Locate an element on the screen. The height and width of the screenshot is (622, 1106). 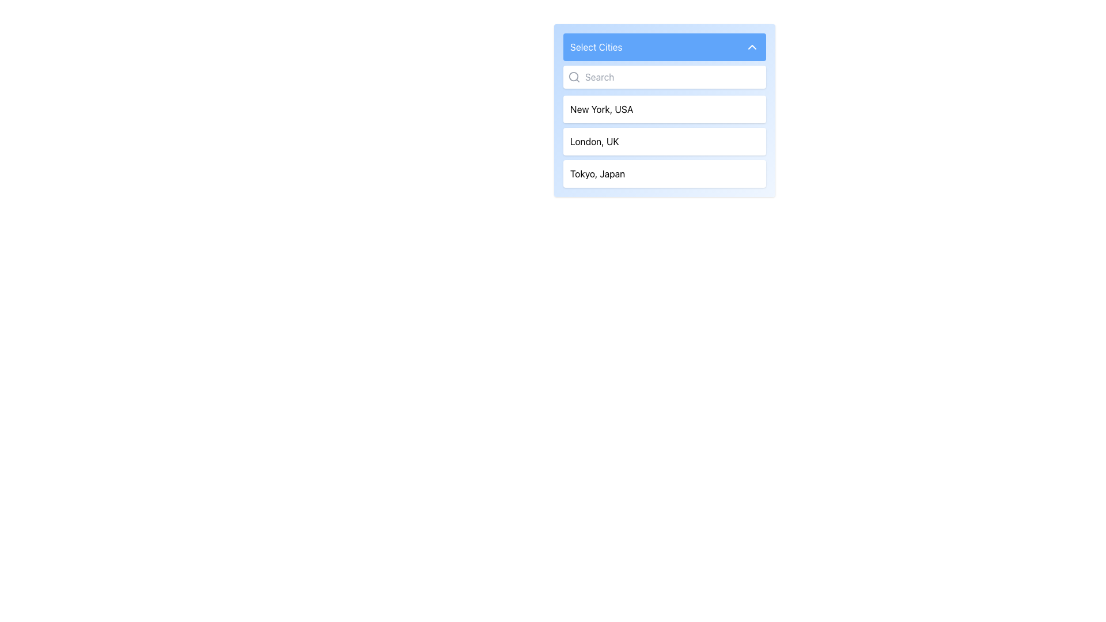
to select the 'New York, USA' option from the dropdown menu, which is the first item listed directly below the search bar is located at coordinates (664, 109).